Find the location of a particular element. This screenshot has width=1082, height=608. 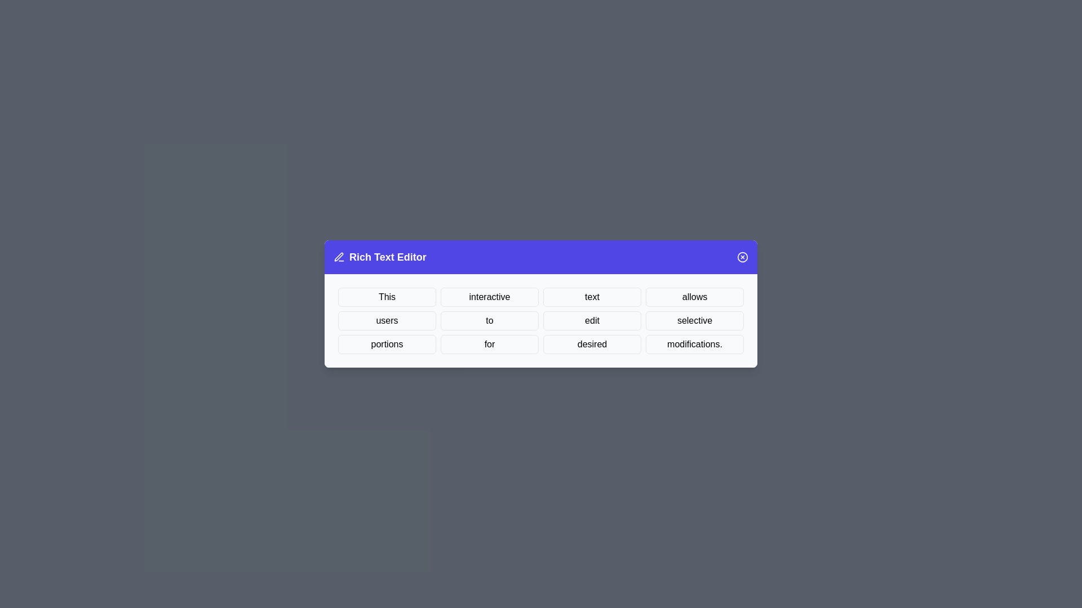

the word desired to select it is located at coordinates (592, 344).